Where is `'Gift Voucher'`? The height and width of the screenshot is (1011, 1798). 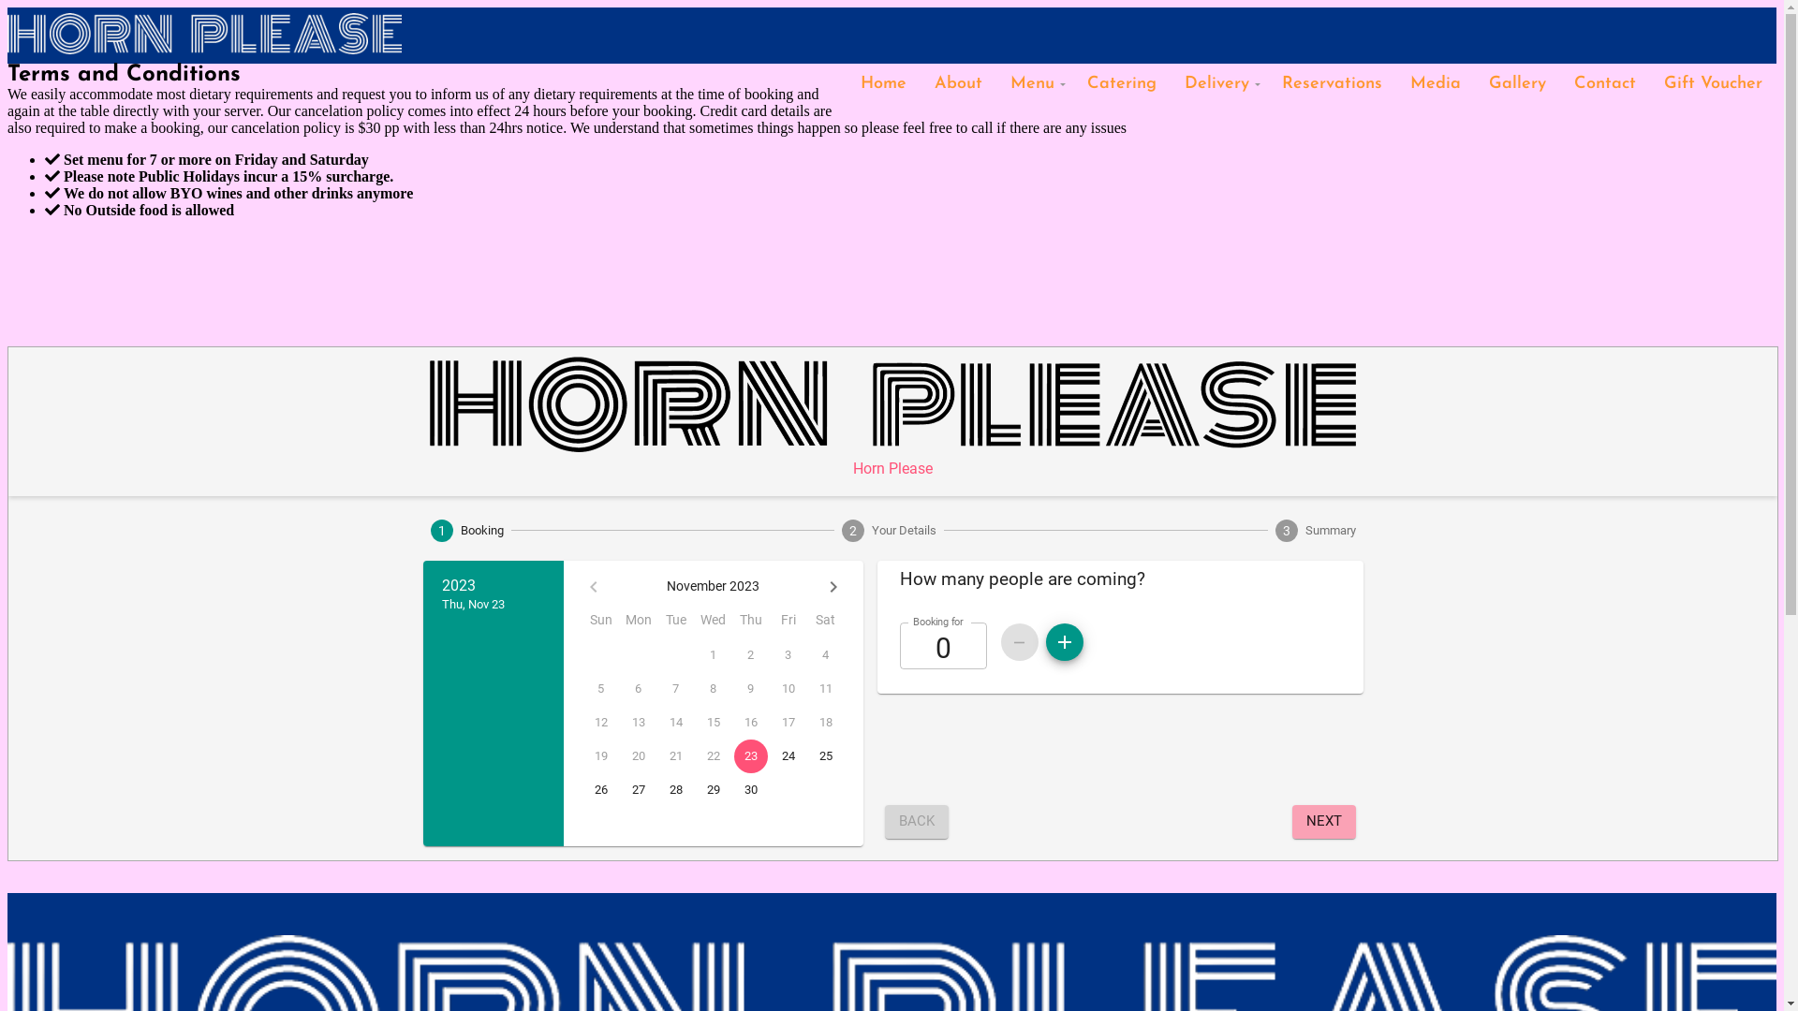 'Gift Voucher' is located at coordinates (1713, 82).